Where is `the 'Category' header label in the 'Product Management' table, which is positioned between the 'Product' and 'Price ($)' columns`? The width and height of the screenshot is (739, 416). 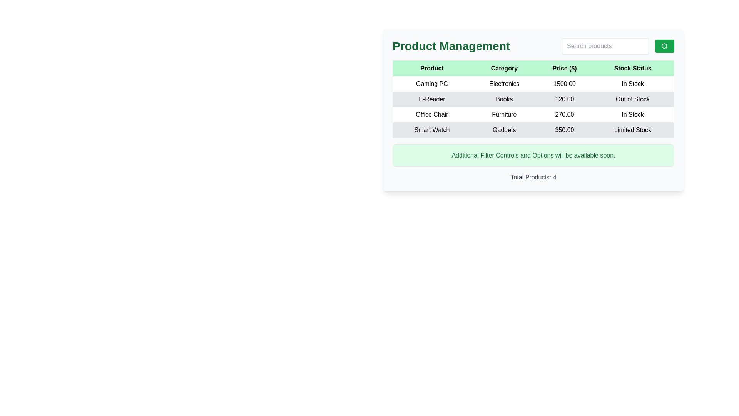 the 'Category' header label in the 'Product Management' table, which is positioned between the 'Product' and 'Price ($)' columns is located at coordinates (504, 68).